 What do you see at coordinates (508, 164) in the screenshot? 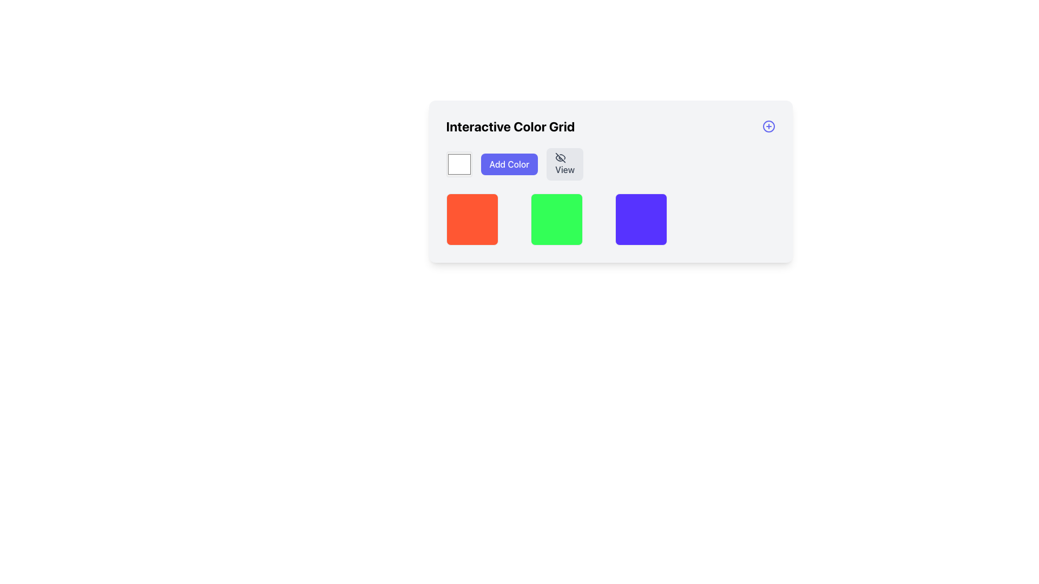
I see `the 'Add Color' button, which is a rectangular button with a blue background and white text` at bounding box center [508, 164].